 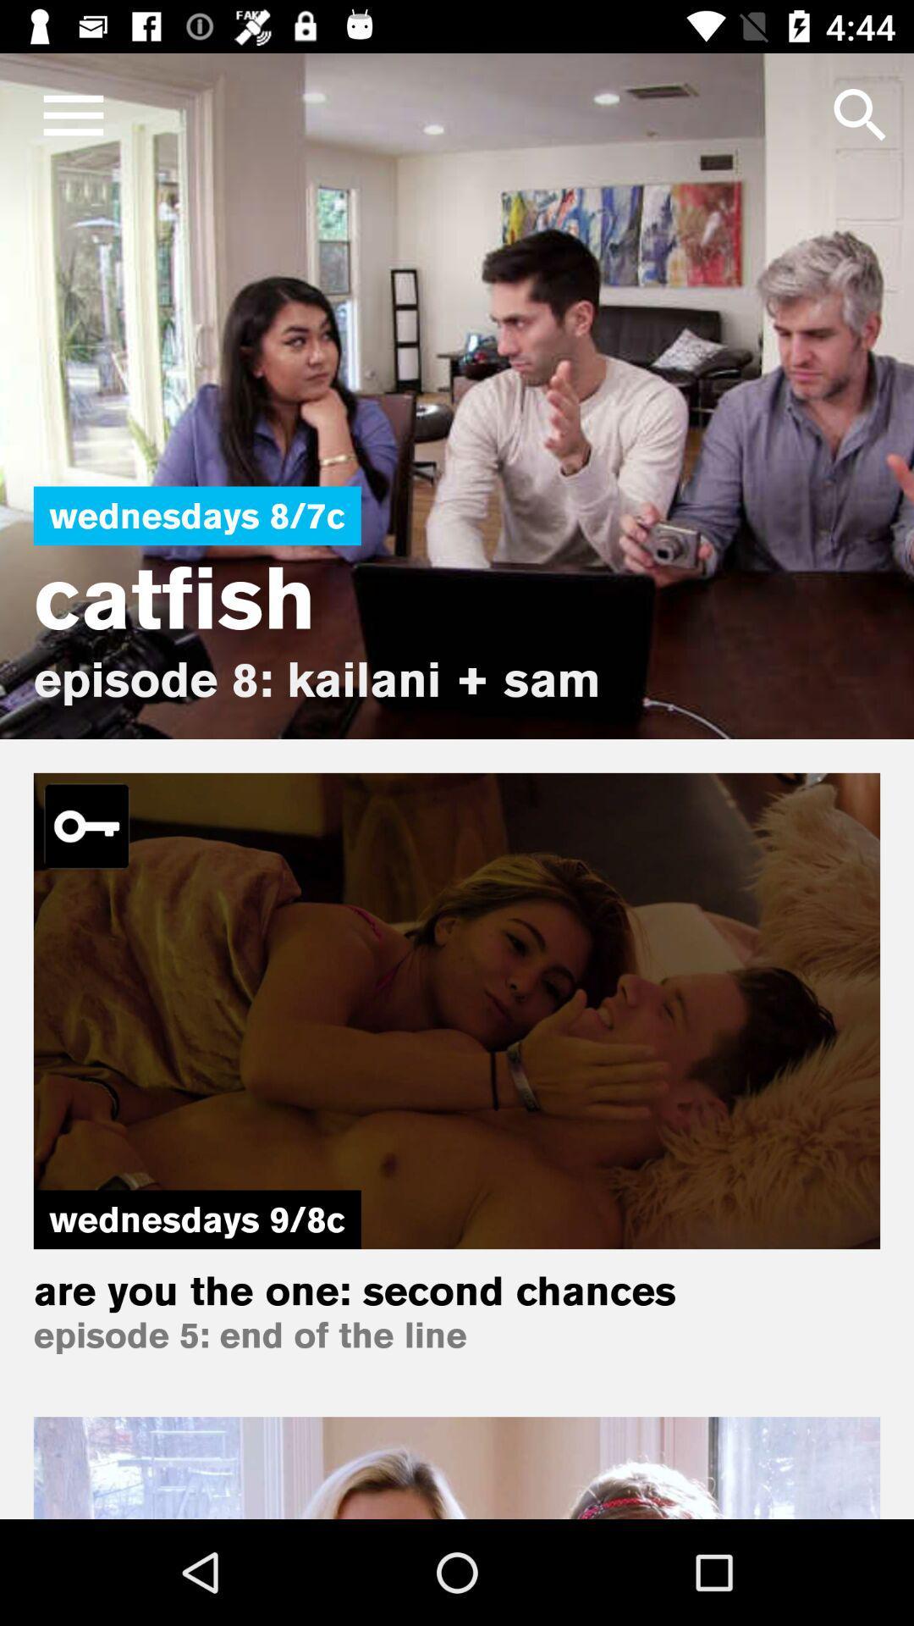 I want to click on the second image, so click(x=457, y=1011).